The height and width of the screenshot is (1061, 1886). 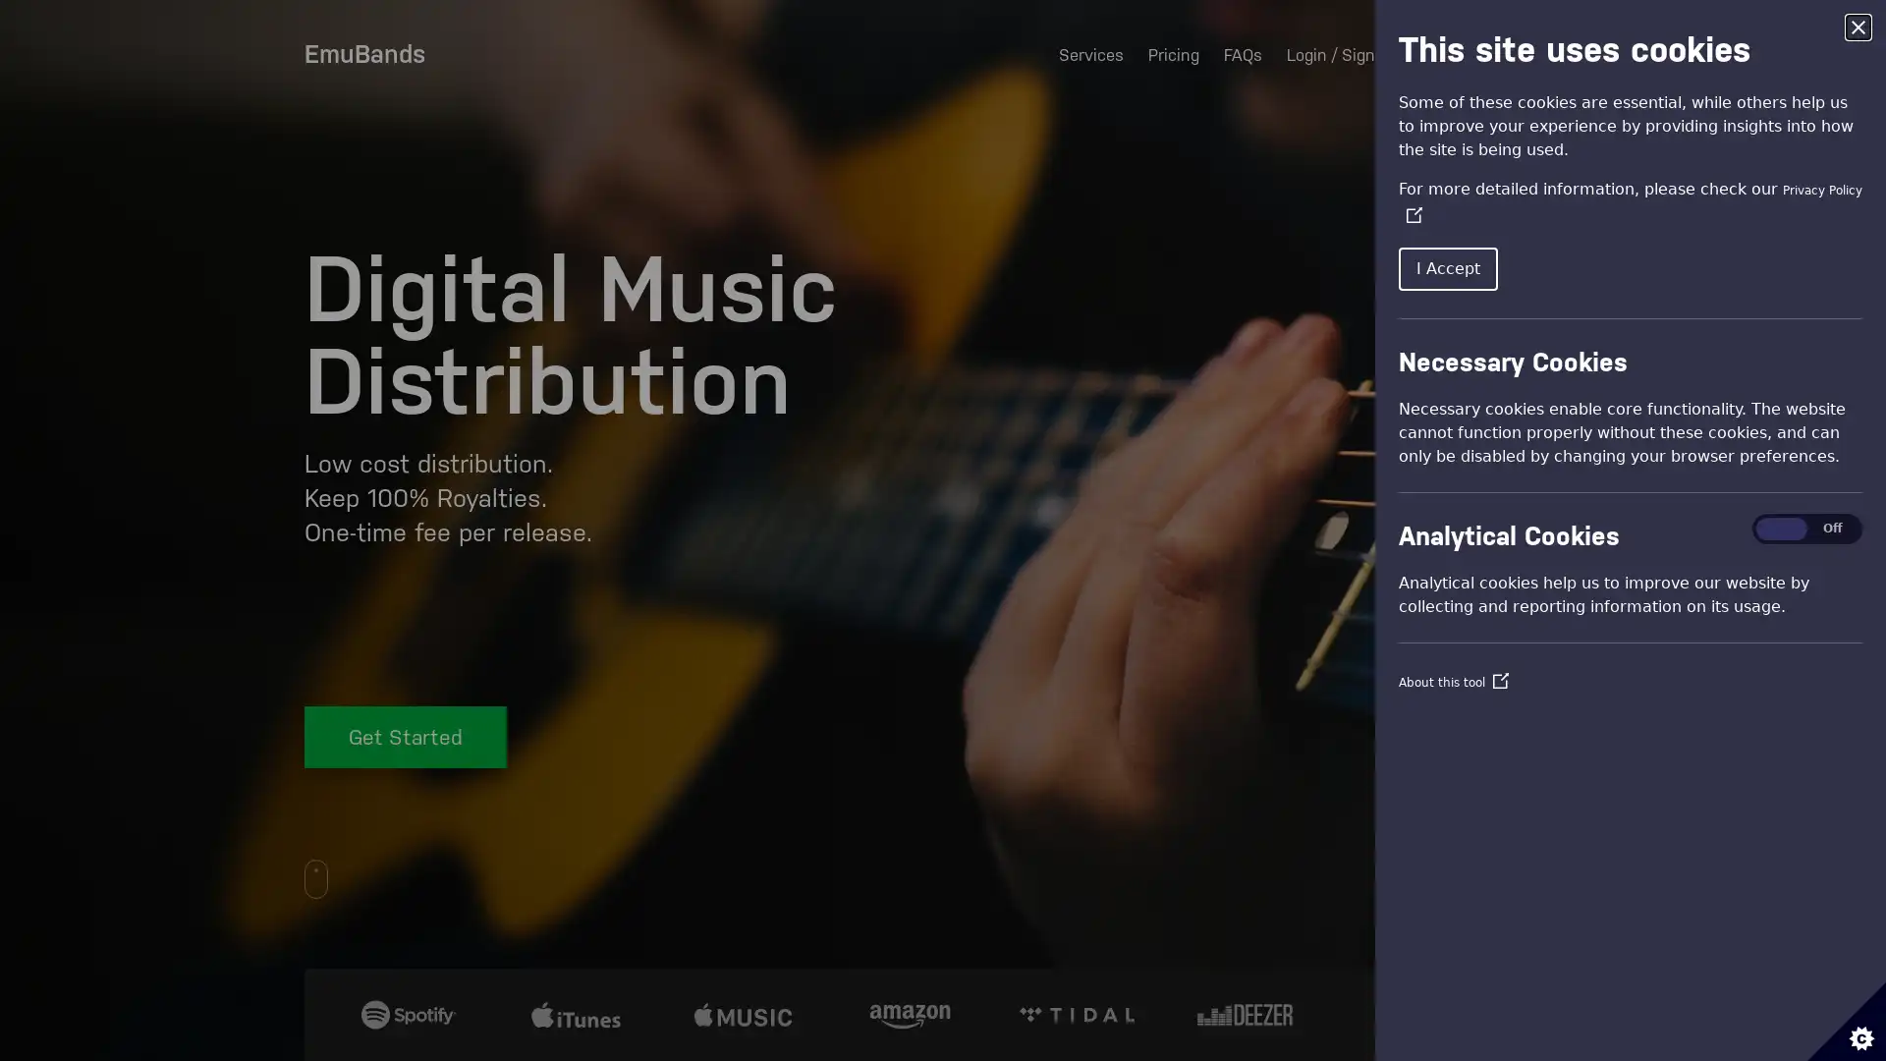 I want to click on I Accept, so click(x=1448, y=268).